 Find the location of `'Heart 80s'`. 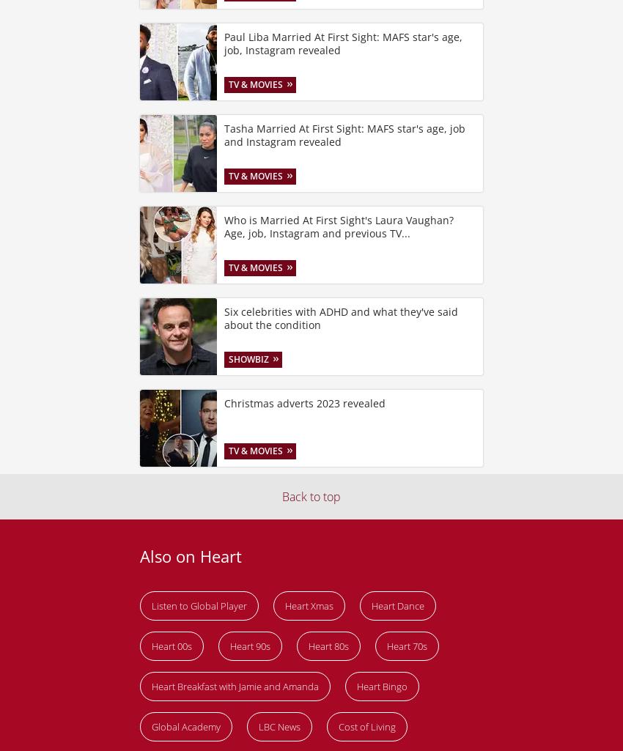

'Heart 80s' is located at coordinates (328, 645).